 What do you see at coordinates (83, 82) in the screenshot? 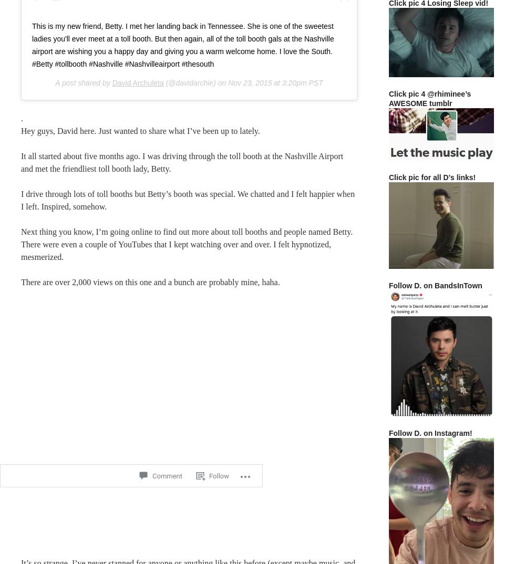
I see `'A post shared by'` at bounding box center [83, 82].